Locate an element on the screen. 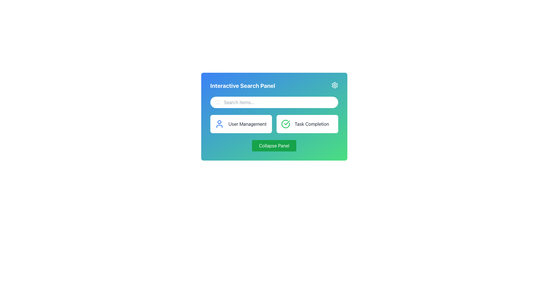 The width and height of the screenshot is (548, 308). title text 'Interactive Search Panel' from the header element located at the top section of the main panel, which features a gradient background and a settings icon is located at coordinates (274, 86).